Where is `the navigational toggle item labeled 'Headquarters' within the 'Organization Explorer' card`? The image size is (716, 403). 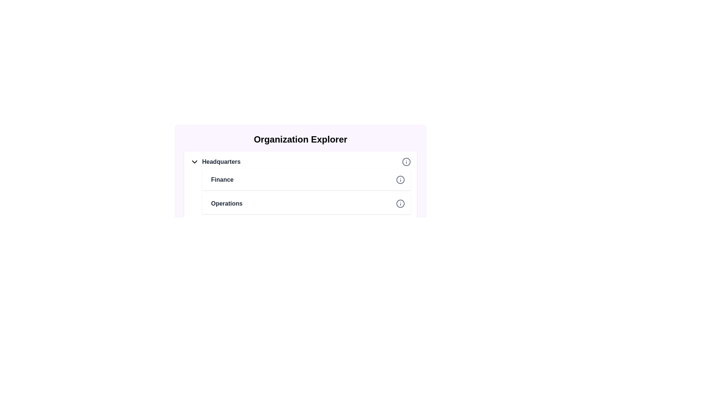
the navigational toggle item labeled 'Headquarters' within the 'Organization Explorer' card is located at coordinates (301, 162).